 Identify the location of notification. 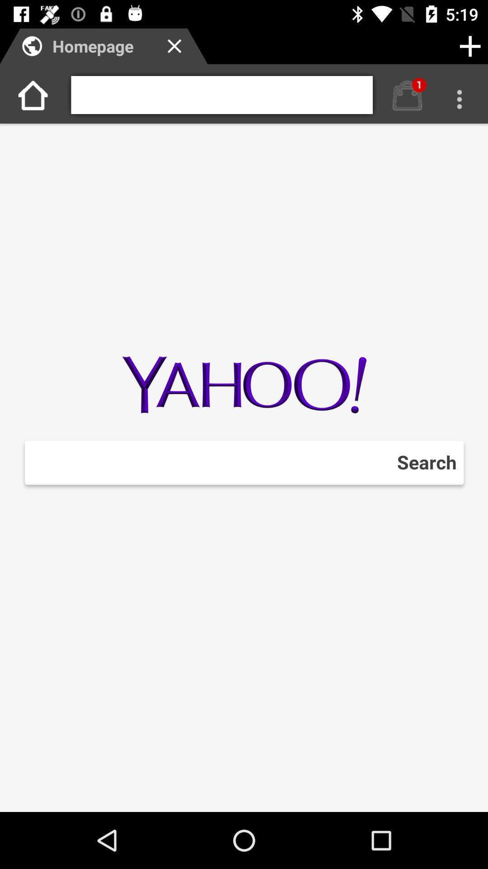
(407, 95).